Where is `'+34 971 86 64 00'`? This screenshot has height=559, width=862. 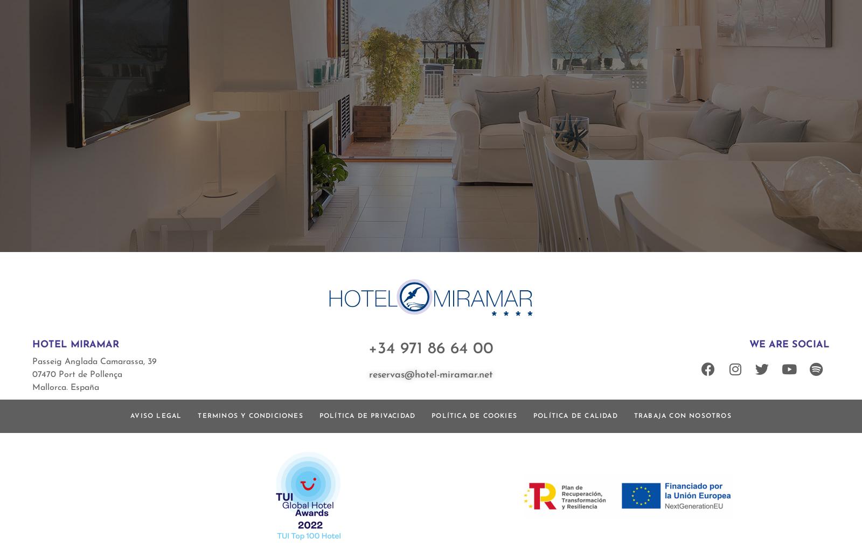 '+34 971 86 64 00' is located at coordinates (430, 348).